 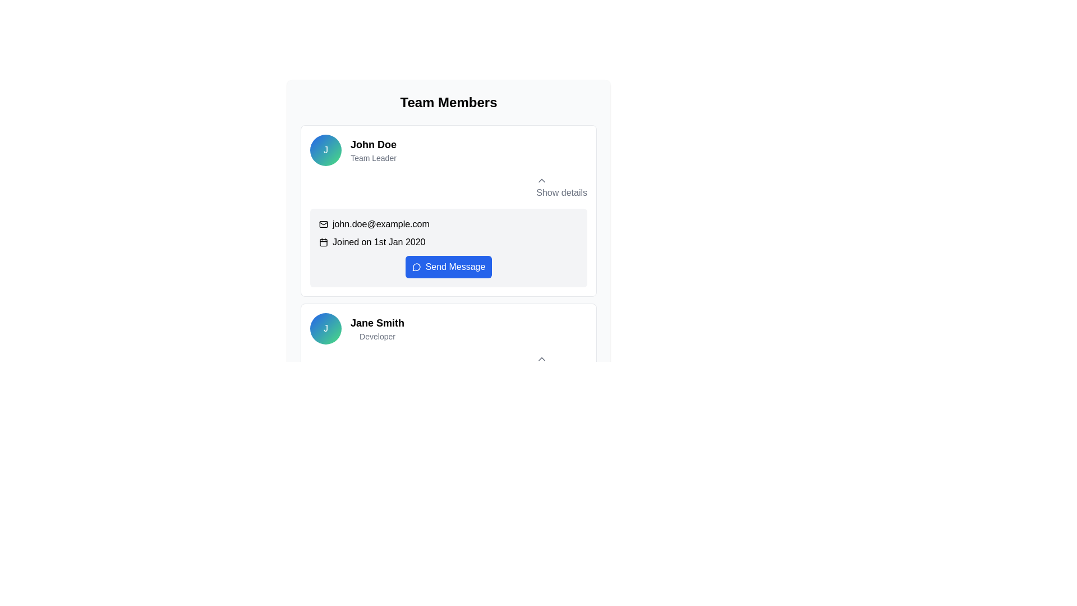 I want to click on the Text Label displaying 'Jane Smith' and 'Developer' within the second team member card under 'Team Members', located to the right of the circular avatar labeled 'J', so click(x=377, y=328).